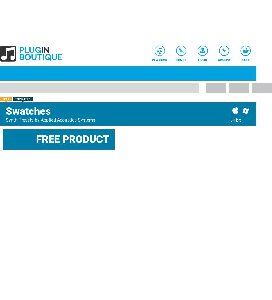  What do you see at coordinates (224, 60) in the screenshot?
I see `'Wishlist'` at bounding box center [224, 60].